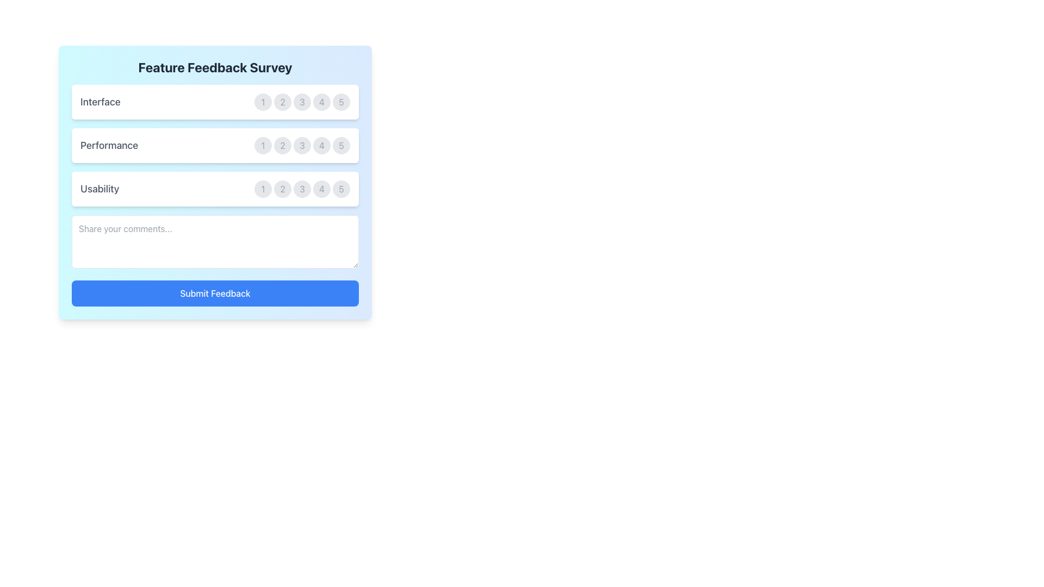  Describe the element at coordinates (263, 102) in the screenshot. I see `the circular button with a gray background and the number '1' to activate the hover effect` at that location.